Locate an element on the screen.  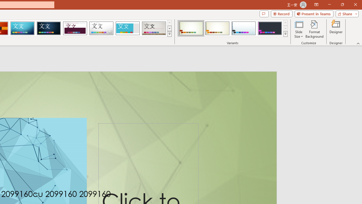
'Dividend Loading Preview...' is located at coordinates (75, 28).